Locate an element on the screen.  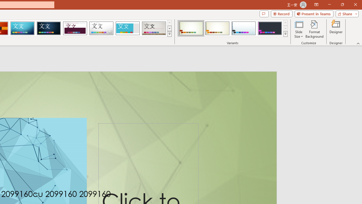
'Dividend Loading Preview...' is located at coordinates (75, 28).